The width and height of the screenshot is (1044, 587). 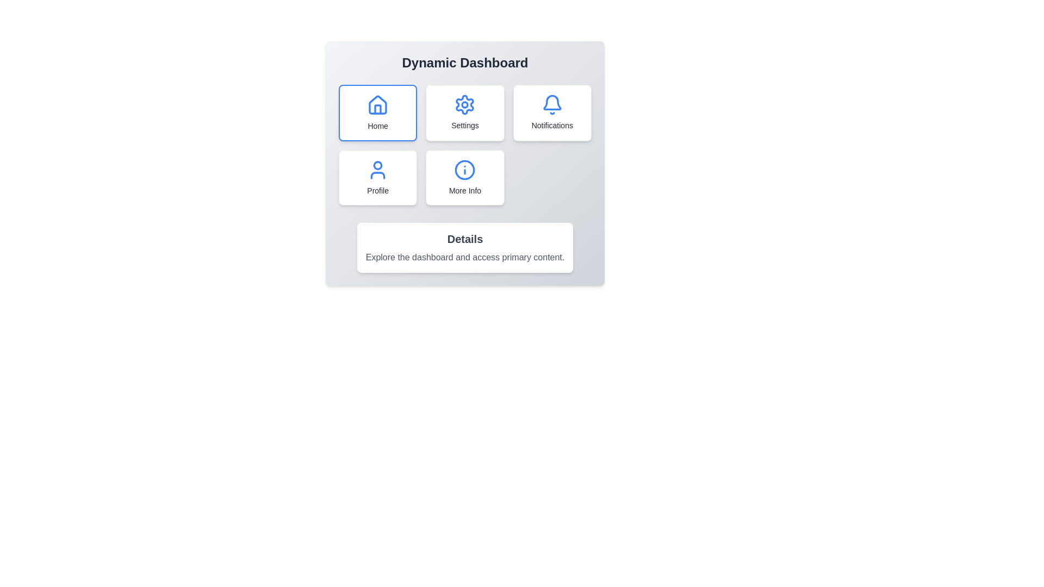 I want to click on the tile labeled 'Home' which contains a stylized house icon with a triangular roof and rectangular body, so click(x=378, y=105).